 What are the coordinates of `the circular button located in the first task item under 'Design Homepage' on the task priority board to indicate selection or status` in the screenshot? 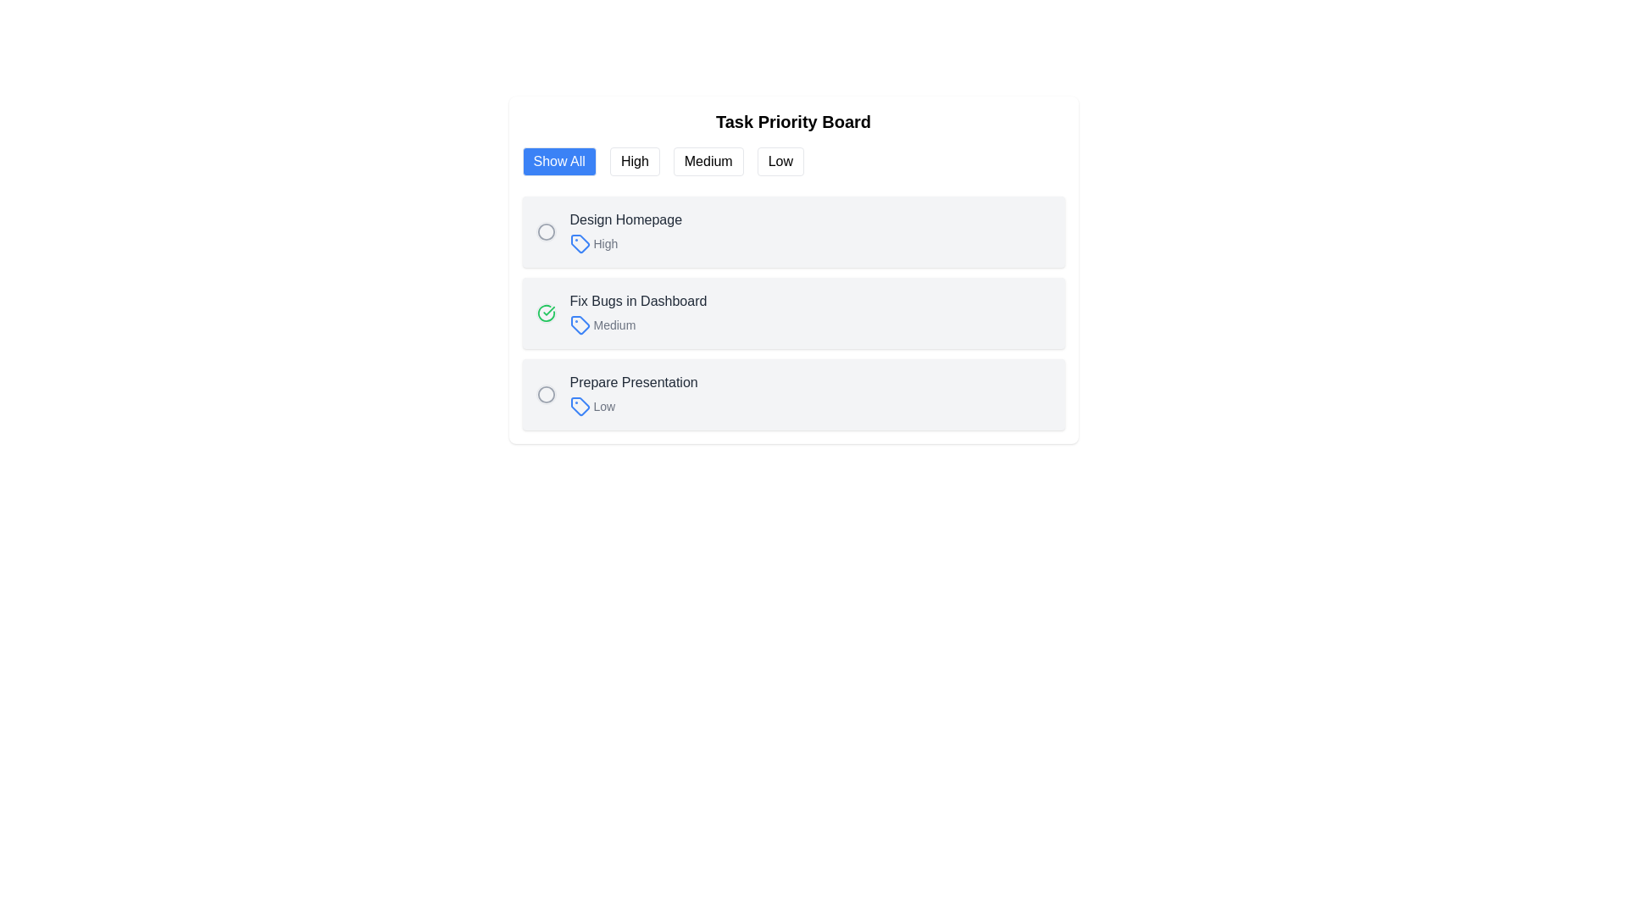 It's located at (546, 231).